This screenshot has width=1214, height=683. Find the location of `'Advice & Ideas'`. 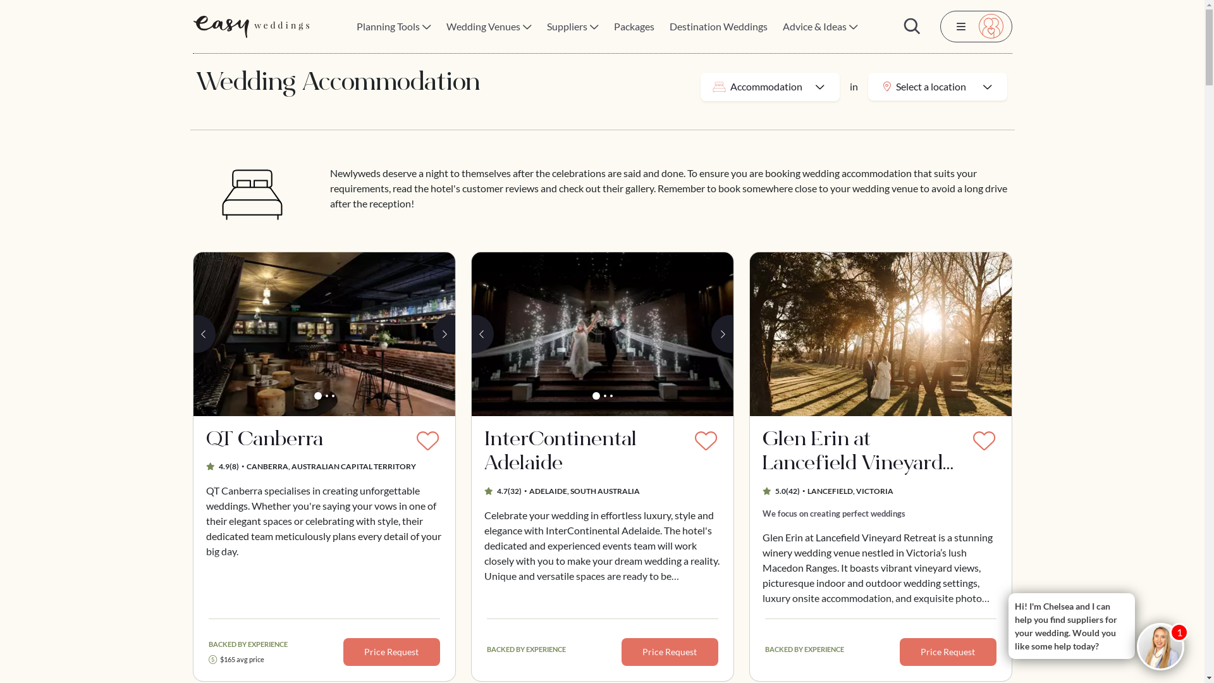

'Advice & Ideas' is located at coordinates (820, 27).